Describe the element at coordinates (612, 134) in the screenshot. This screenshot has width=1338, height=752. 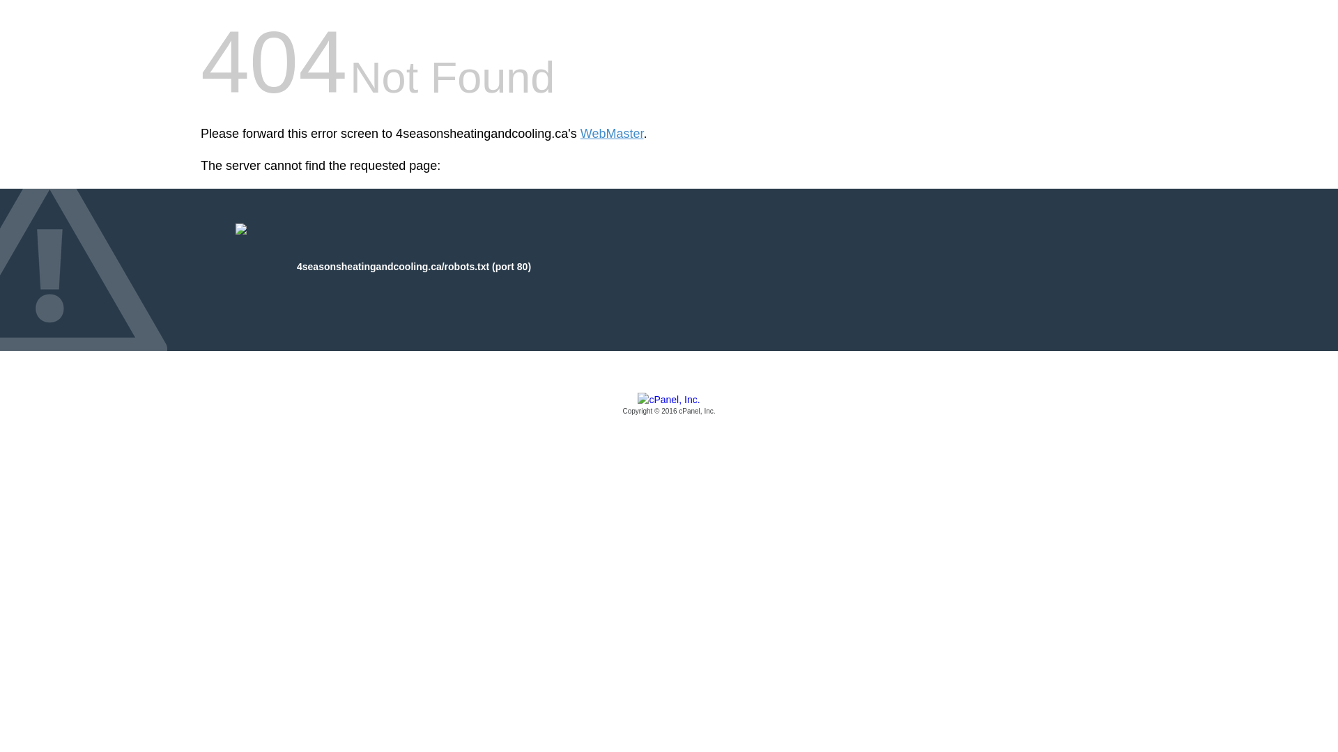
I see `'WebMaster'` at that location.